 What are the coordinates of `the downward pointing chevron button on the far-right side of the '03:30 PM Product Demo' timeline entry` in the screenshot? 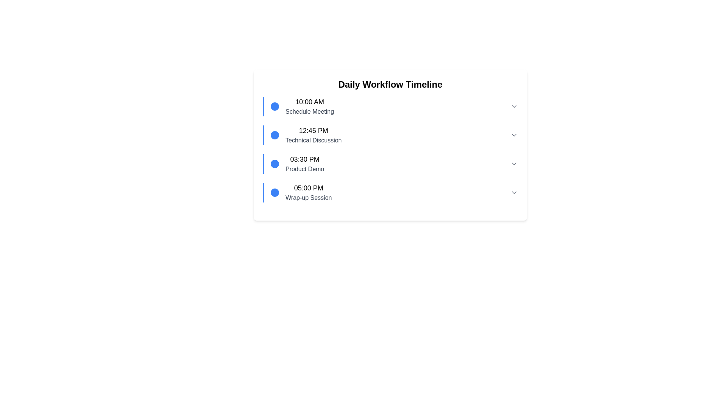 It's located at (514, 164).